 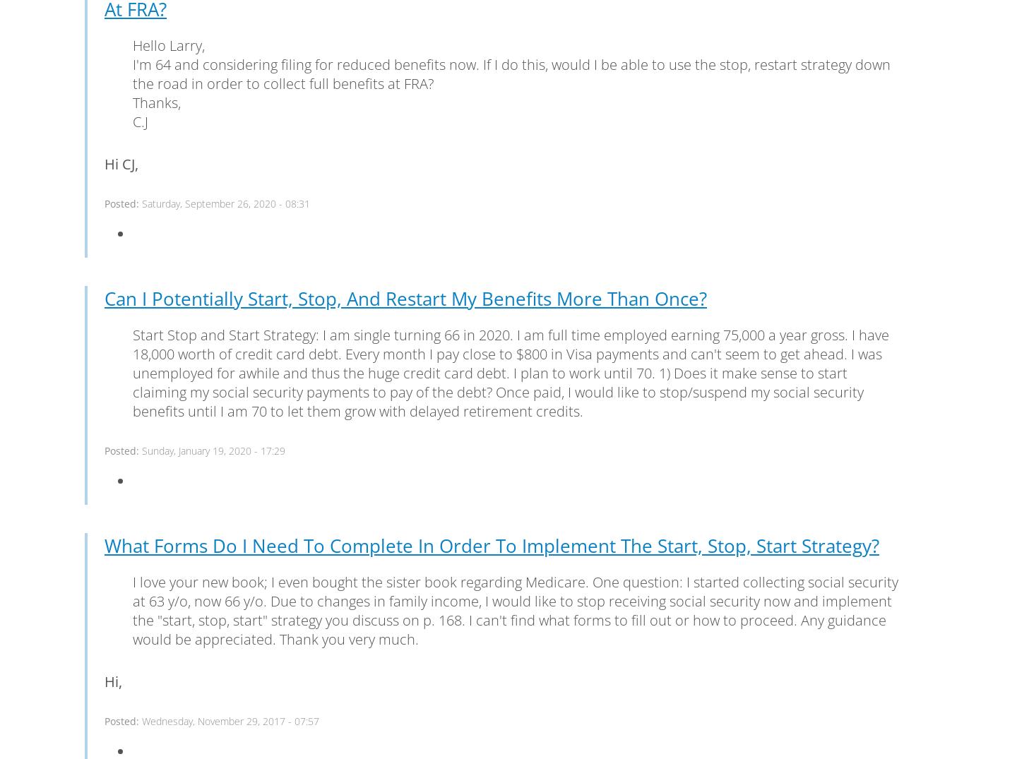 What do you see at coordinates (169, 44) in the screenshot?
I see `'Hello Larry,'` at bounding box center [169, 44].